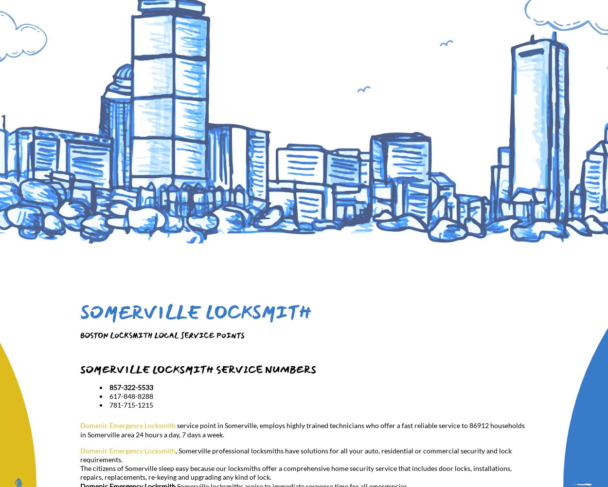 Image resolution: width=608 pixels, height=487 pixels. What do you see at coordinates (131, 395) in the screenshot?
I see `'617-848-8288'` at bounding box center [131, 395].